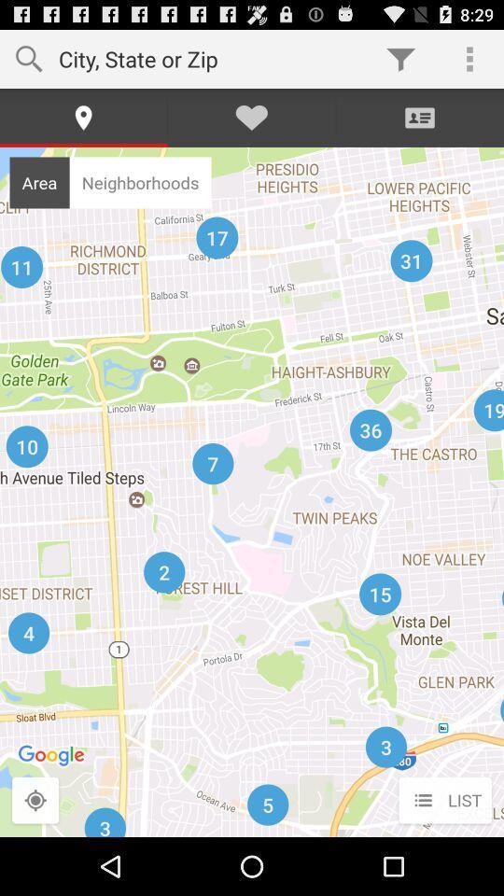 The image size is (504, 896). What do you see at coordinates (35, 800) in the screenshot?
I see `search area` at bounding box center [35, 800].